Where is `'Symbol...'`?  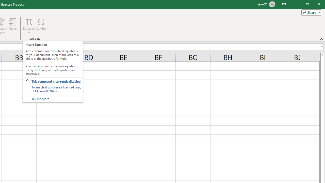 'Symbol...' is located at coordinates (41, 26).